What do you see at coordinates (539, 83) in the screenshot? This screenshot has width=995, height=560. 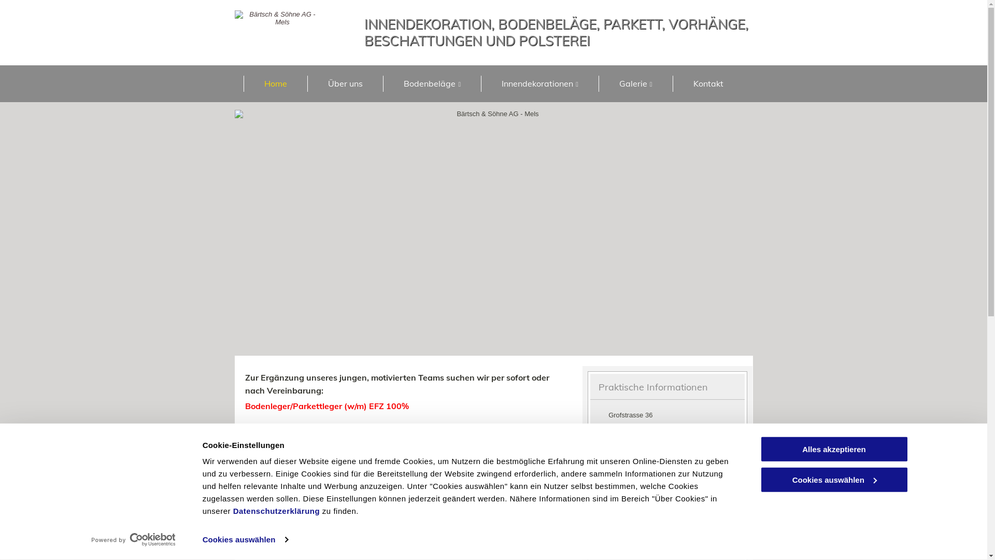 I see `'Innendekorationen'` at bounding box center [539, 83].